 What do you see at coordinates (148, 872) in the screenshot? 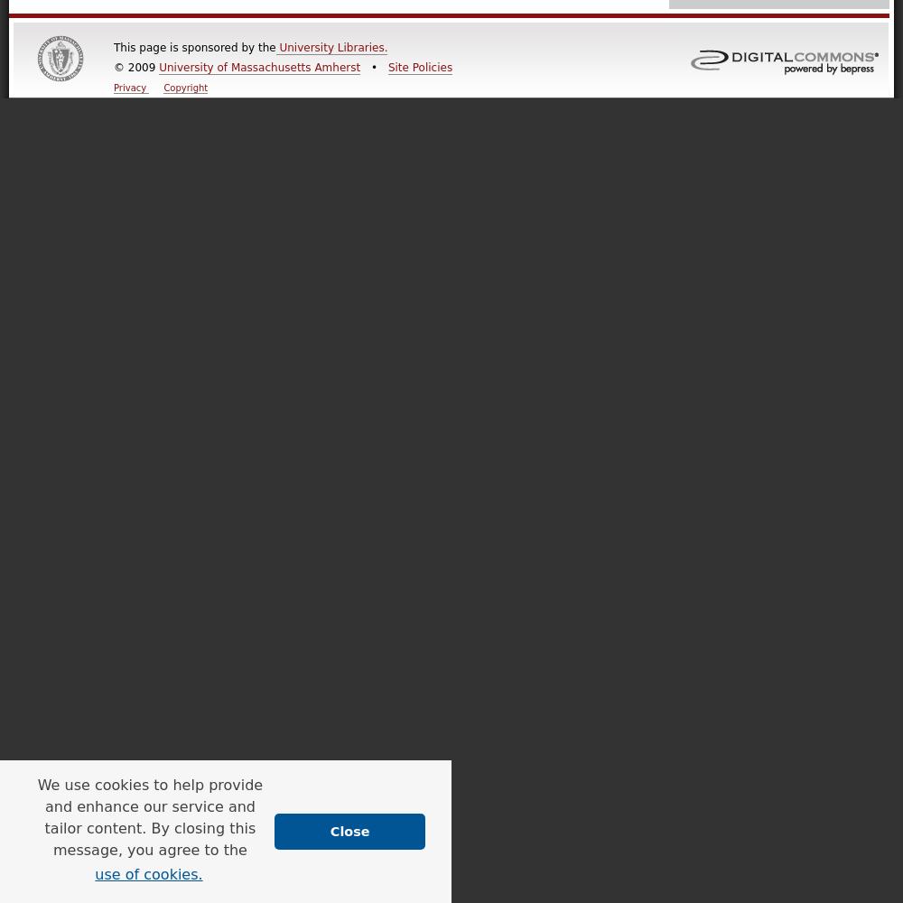
I see `'use of cookies.'` at bounding box center [148, 872].